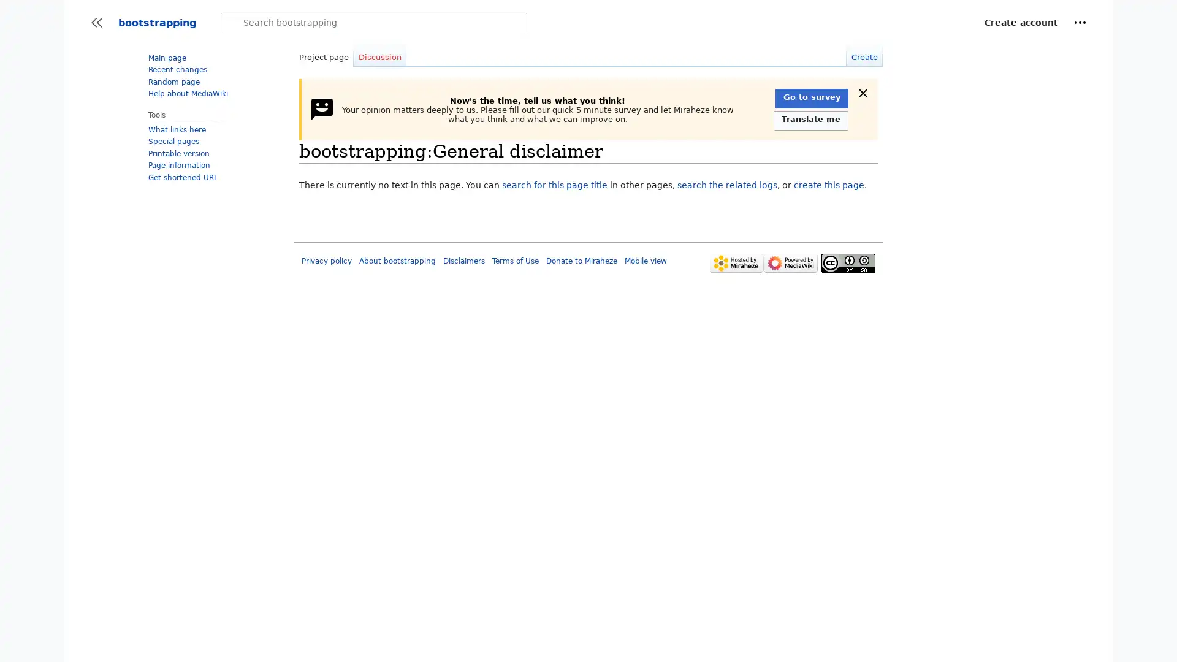 This screenshot has width=1177, height=662. What do you see at coordinates (232, 23) in the screenshot?
I see `Search` at bounding box center [232, 23].